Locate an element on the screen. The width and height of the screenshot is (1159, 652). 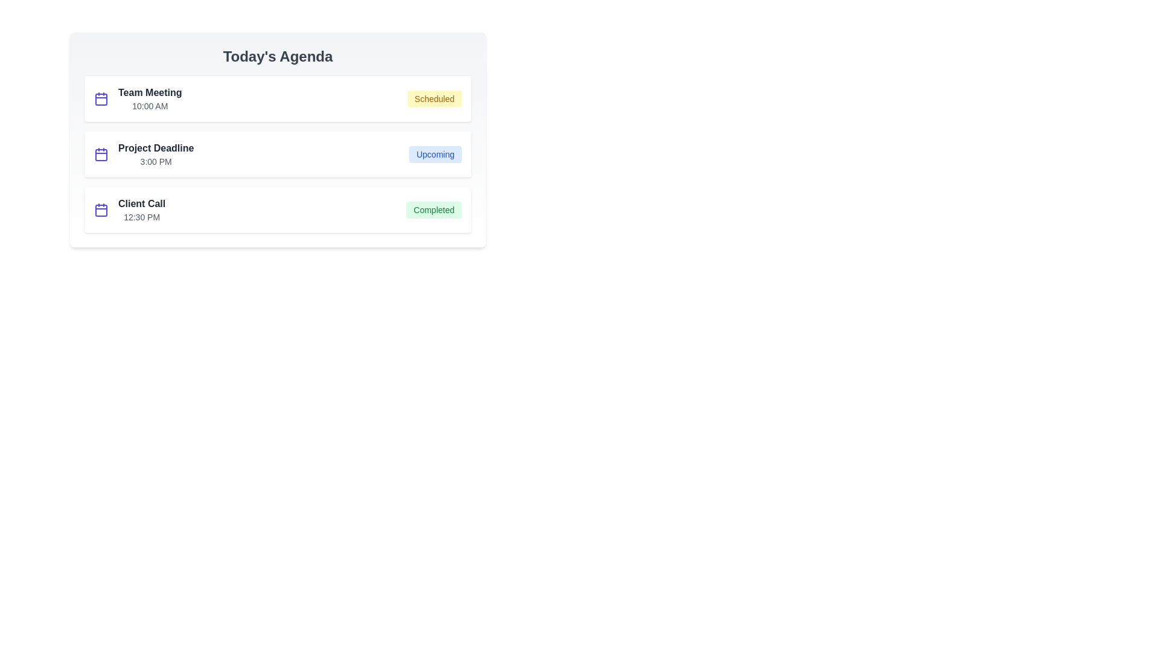
the event item corresponding to Project Deadline is located at coordinates (277, 153).